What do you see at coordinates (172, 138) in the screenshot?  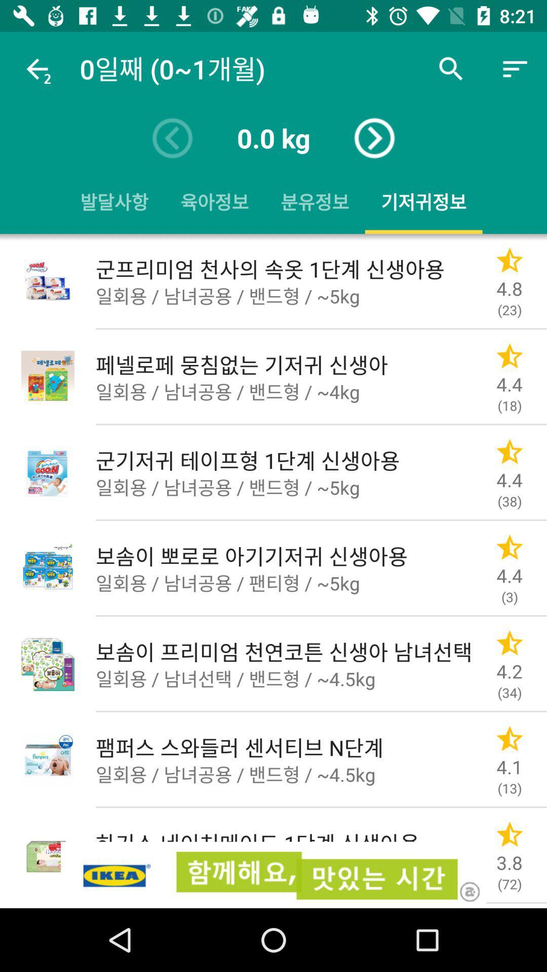 I see `the arrow_backward icon` at bounding box center [172, 138].